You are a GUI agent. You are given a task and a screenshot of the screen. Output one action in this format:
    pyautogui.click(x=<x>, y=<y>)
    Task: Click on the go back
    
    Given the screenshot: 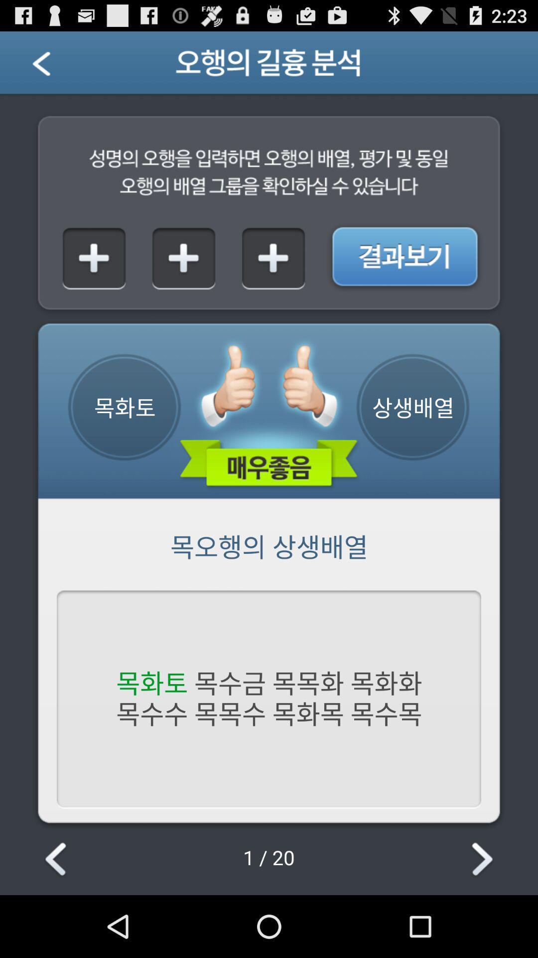 What is the action you would take?
    pyautogui.click(x=57, y=860)
    